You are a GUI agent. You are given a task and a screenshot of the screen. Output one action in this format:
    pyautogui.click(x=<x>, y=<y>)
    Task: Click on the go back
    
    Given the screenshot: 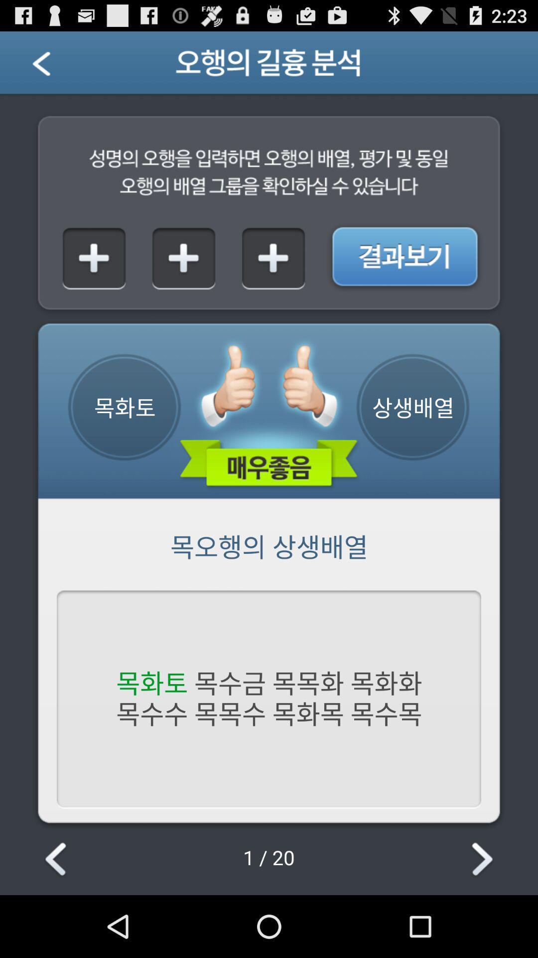 What is the action you would take?
    pyautogui.click(x=57, y=860)
    